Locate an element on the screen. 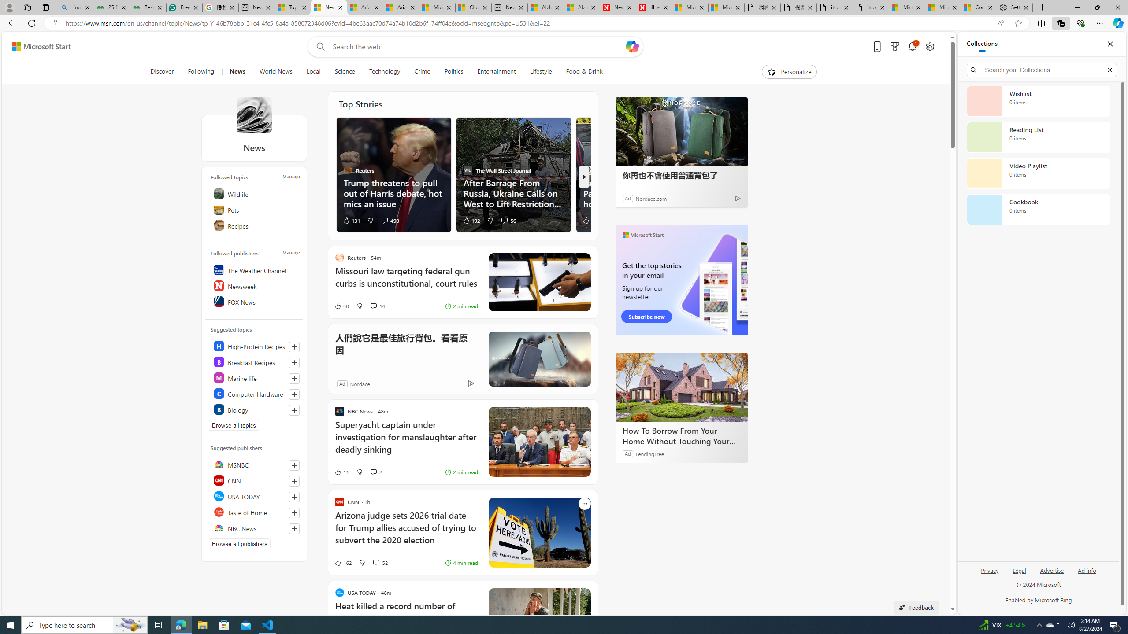  'Crime' is located at coordinates (422, 71).